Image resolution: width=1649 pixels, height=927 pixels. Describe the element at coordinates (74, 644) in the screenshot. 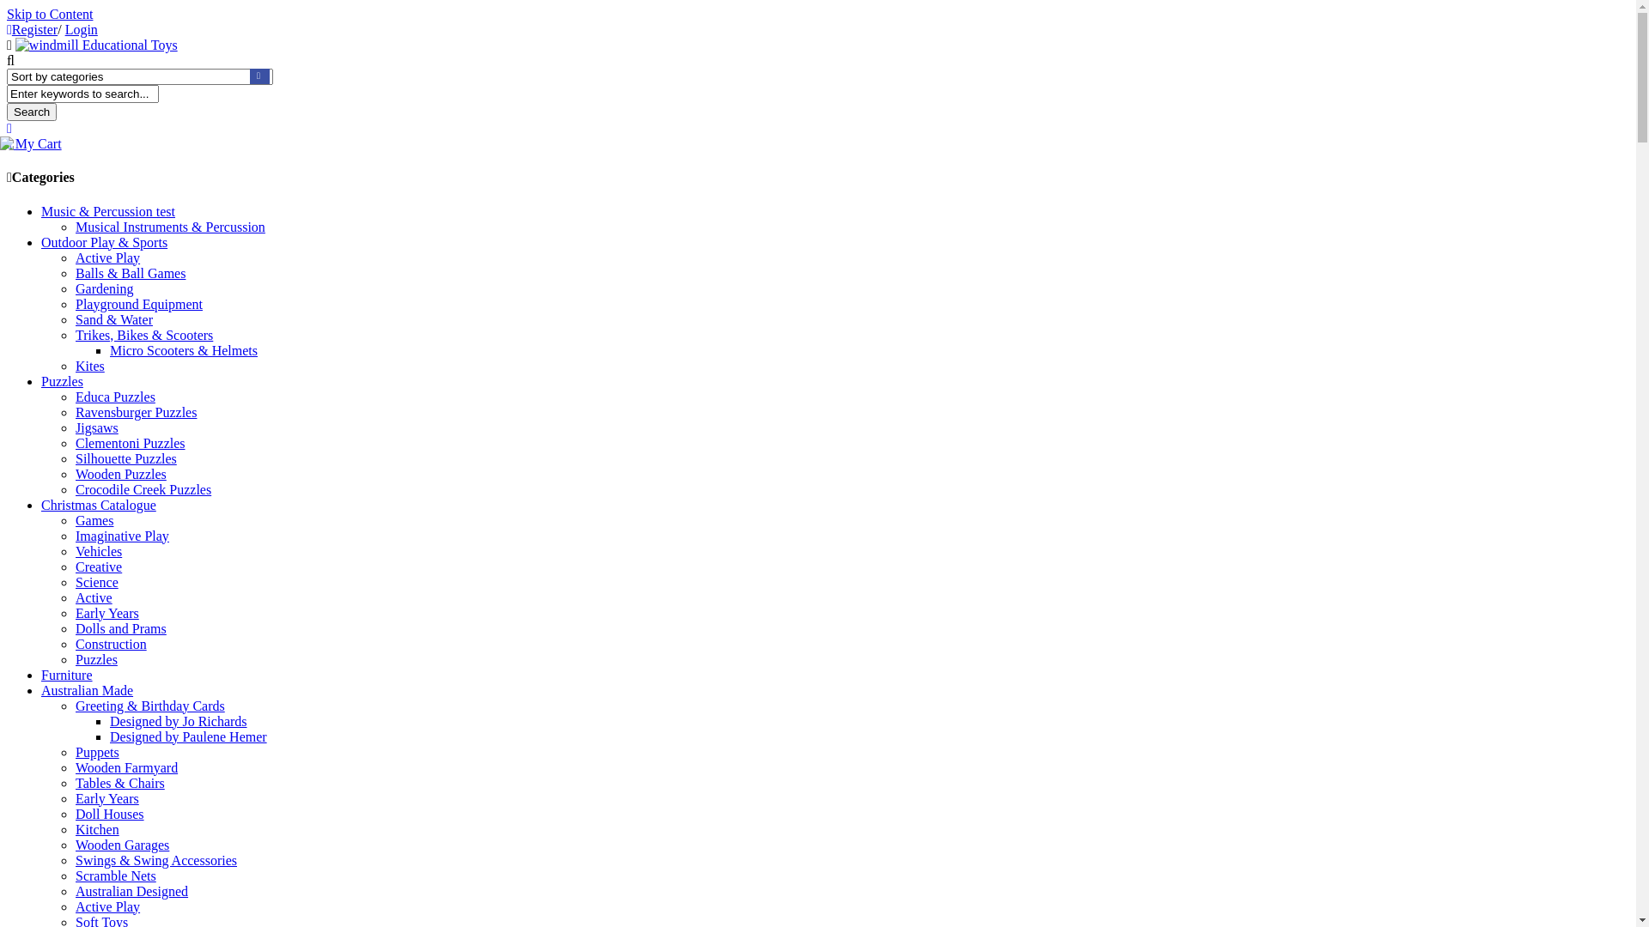

I see `'Construction'` at that location.